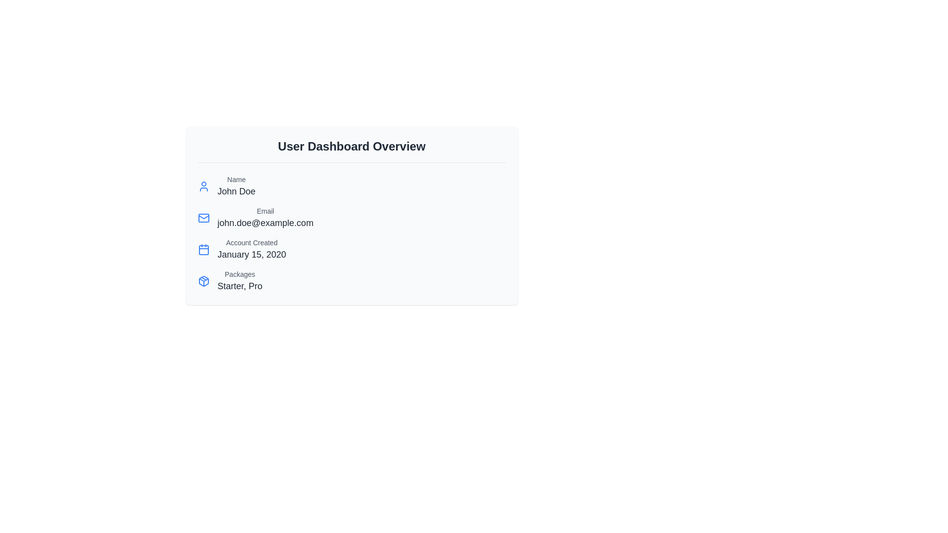 This screenshot has height=533, width=948. Describe the element at coordinates (252, 243) in the screenshot. I see `the Static Text Label that provides information about the account creation, located below the email section and above the date text` at that location.